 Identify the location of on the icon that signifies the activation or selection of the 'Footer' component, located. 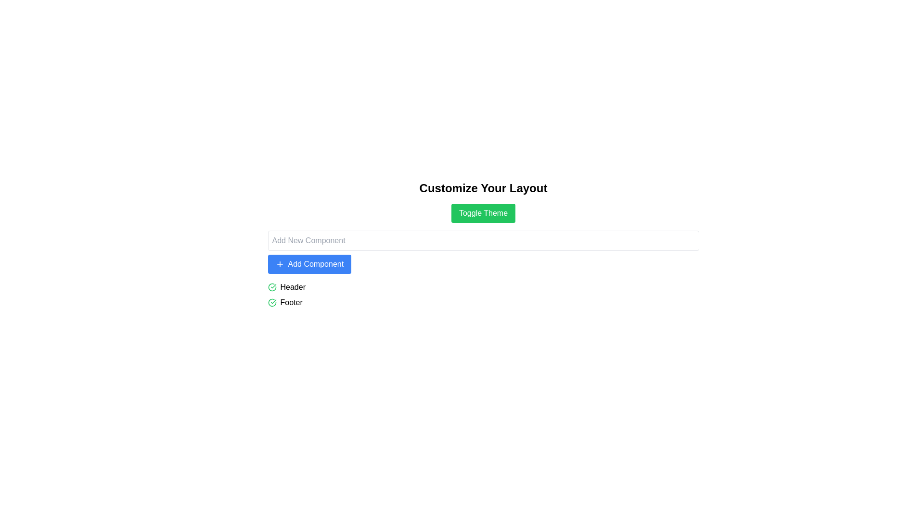
(271, 302).